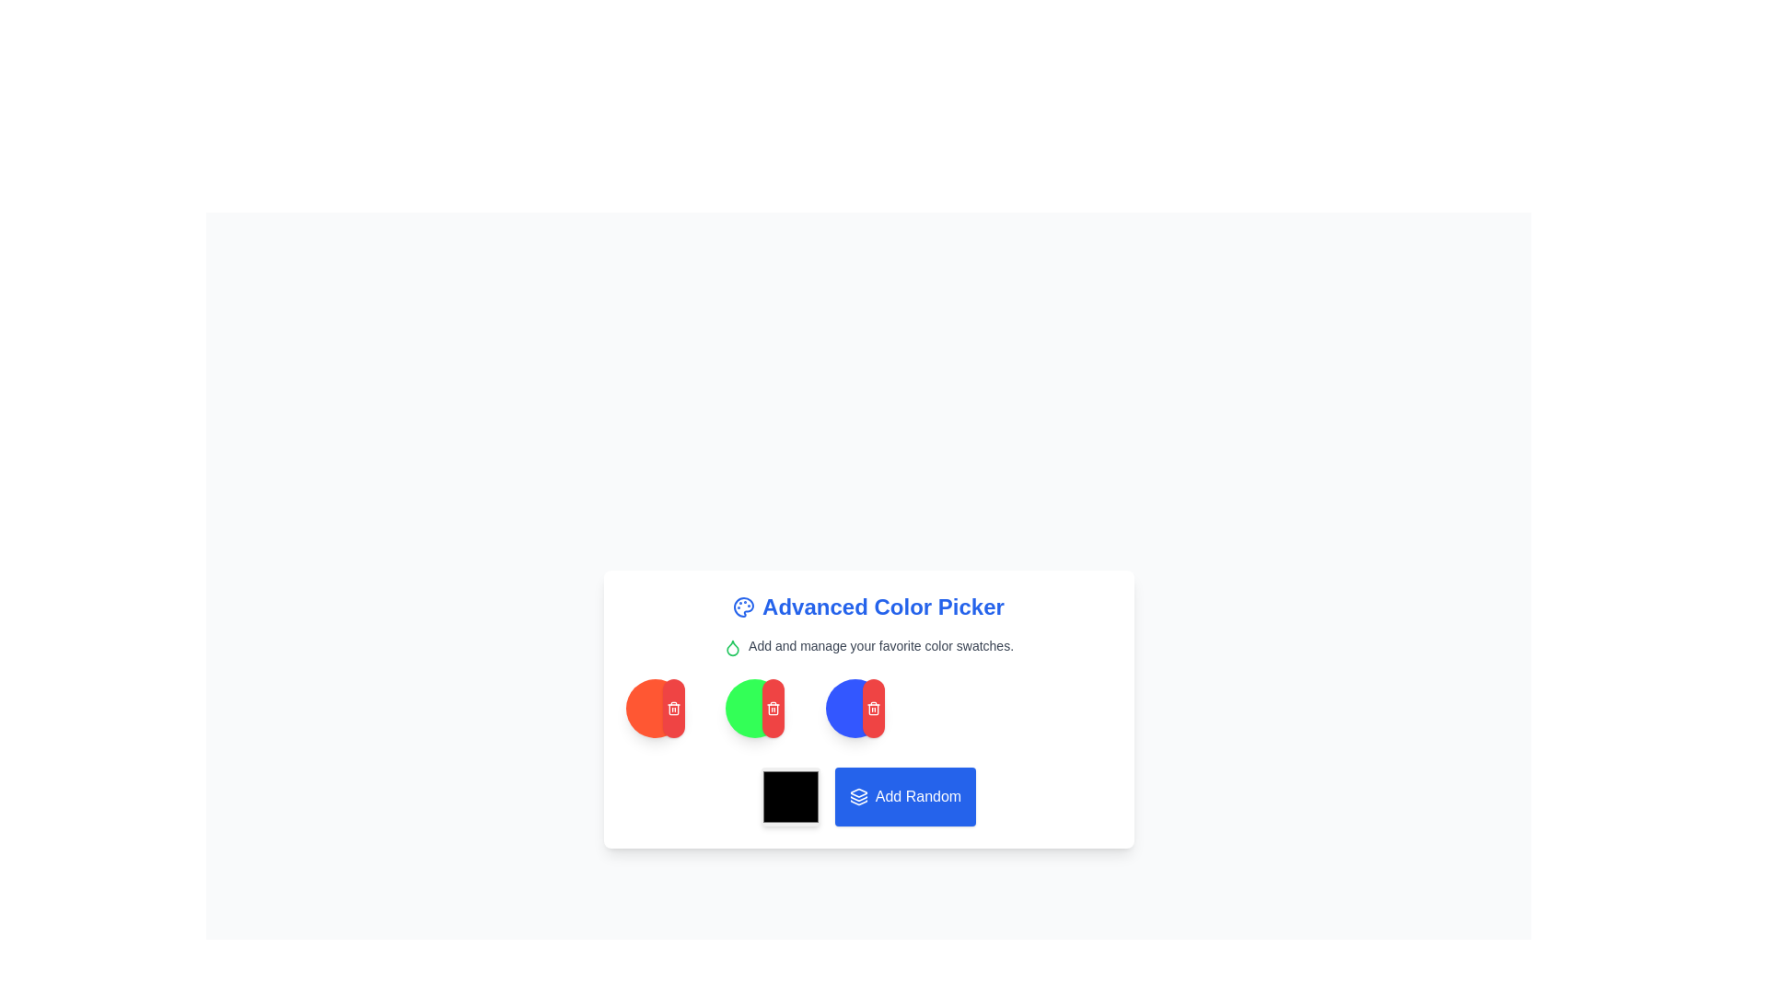 The height and width of the screenshot is (994, 1768). What do you see at coordinates (744, 607) in the screenshot?
I see `the color palette icon located to the left of the 'Advanced Color Picker' label in the header section of the color picker interface` at bounding box center [744, 607].